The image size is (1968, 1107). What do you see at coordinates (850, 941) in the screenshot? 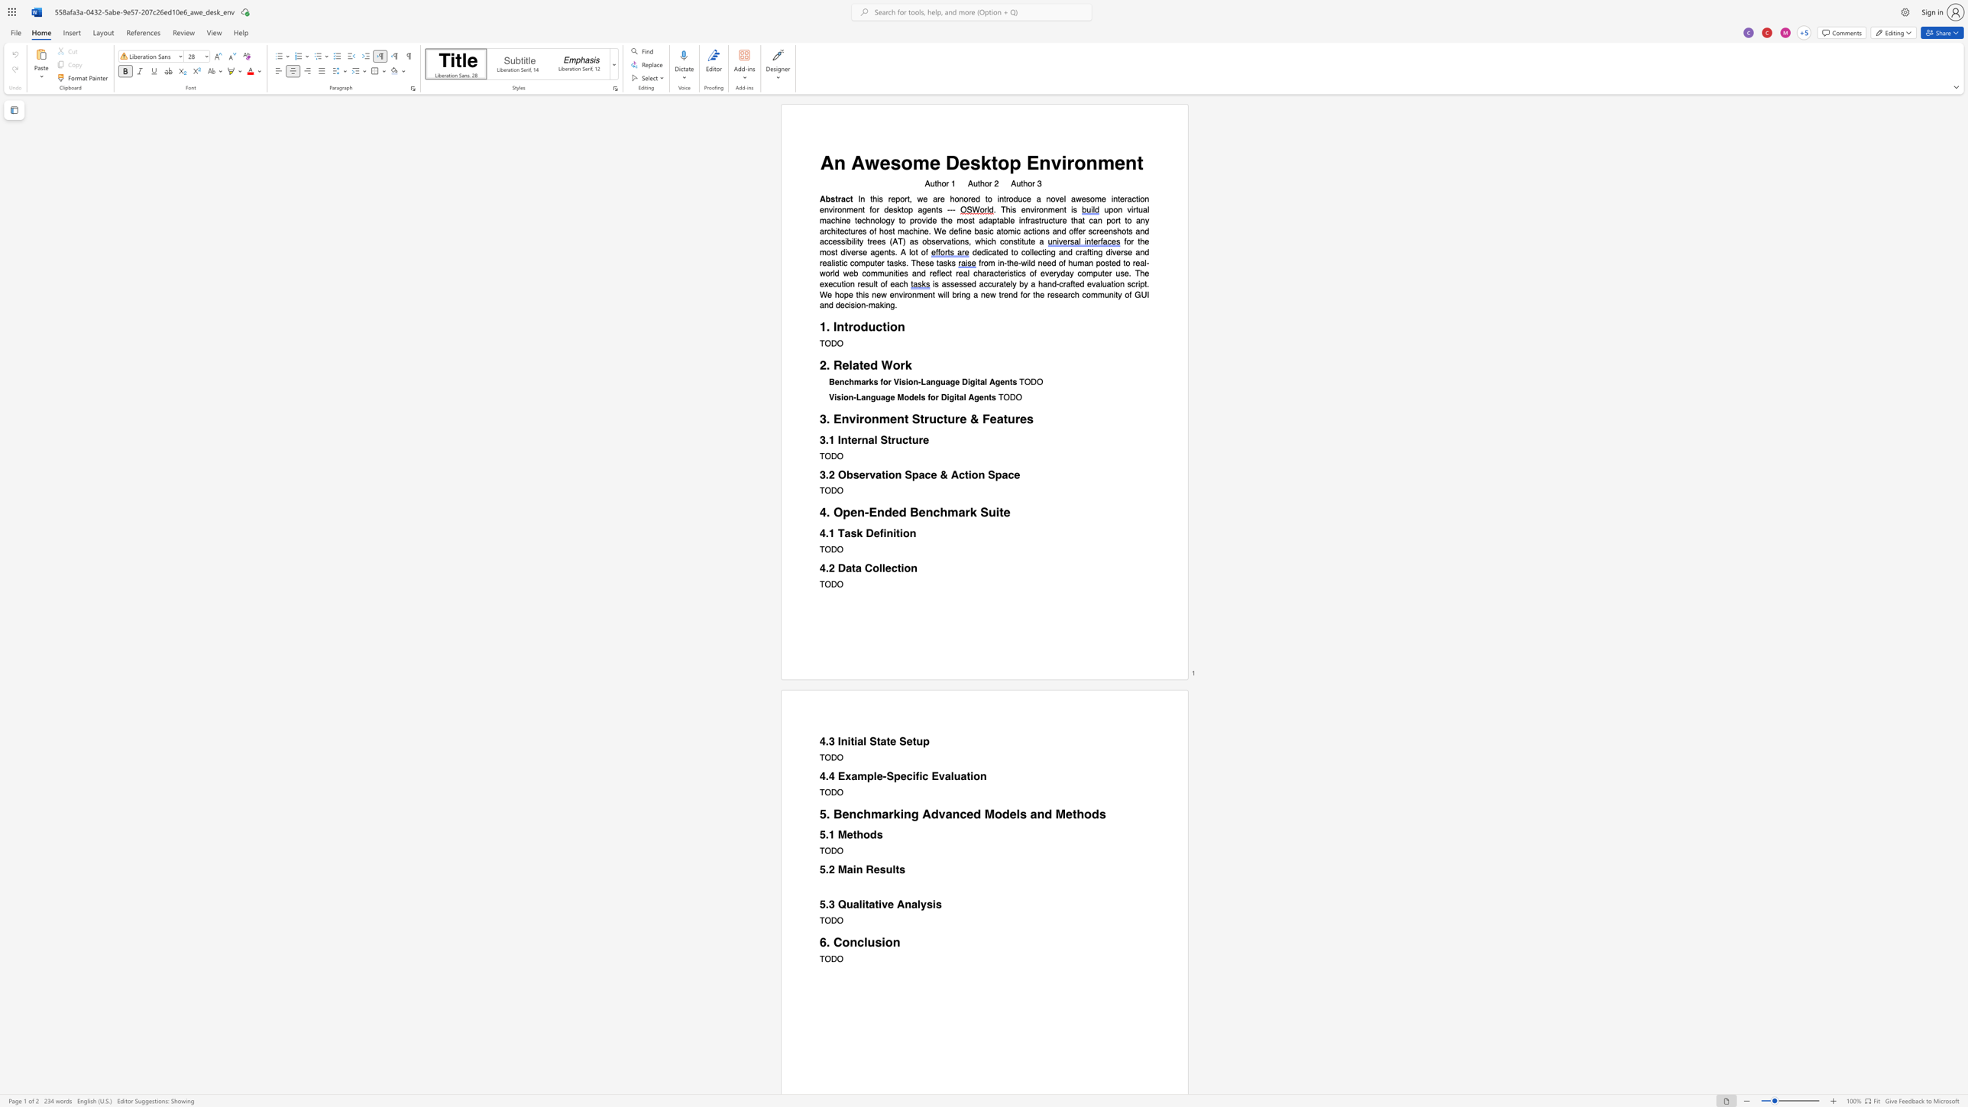
I see `the subset text "nclus" within the text "6. Conclusion"` at bounding box center [850, 941].